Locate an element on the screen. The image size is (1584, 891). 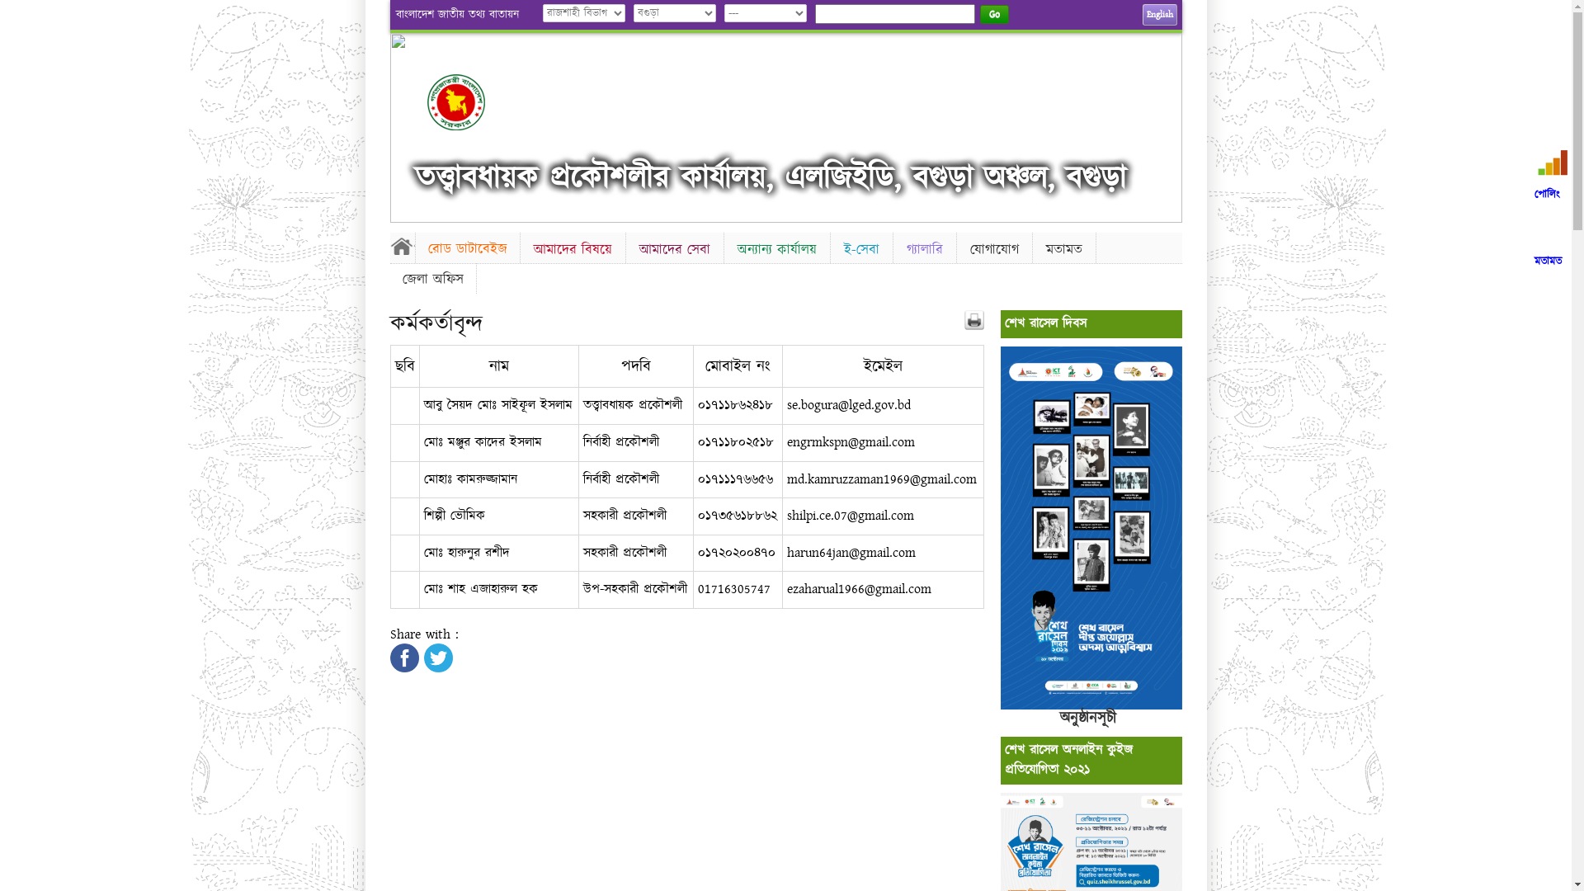
'English' is located at coordinates (1158, 15).